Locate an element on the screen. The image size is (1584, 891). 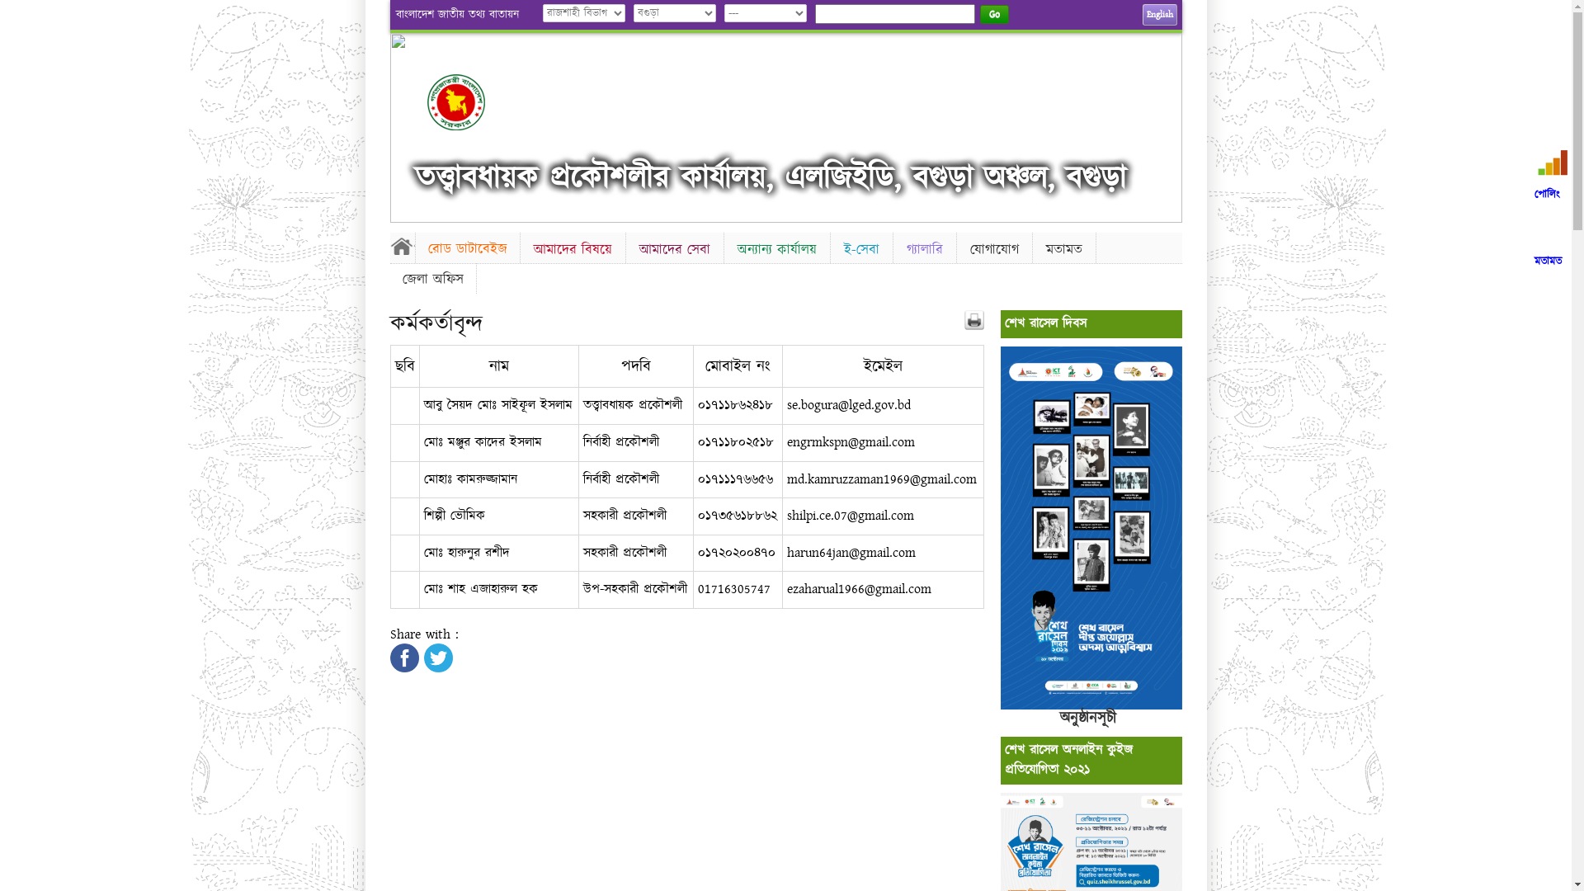
'English' is located at coordinates (1158, 15).